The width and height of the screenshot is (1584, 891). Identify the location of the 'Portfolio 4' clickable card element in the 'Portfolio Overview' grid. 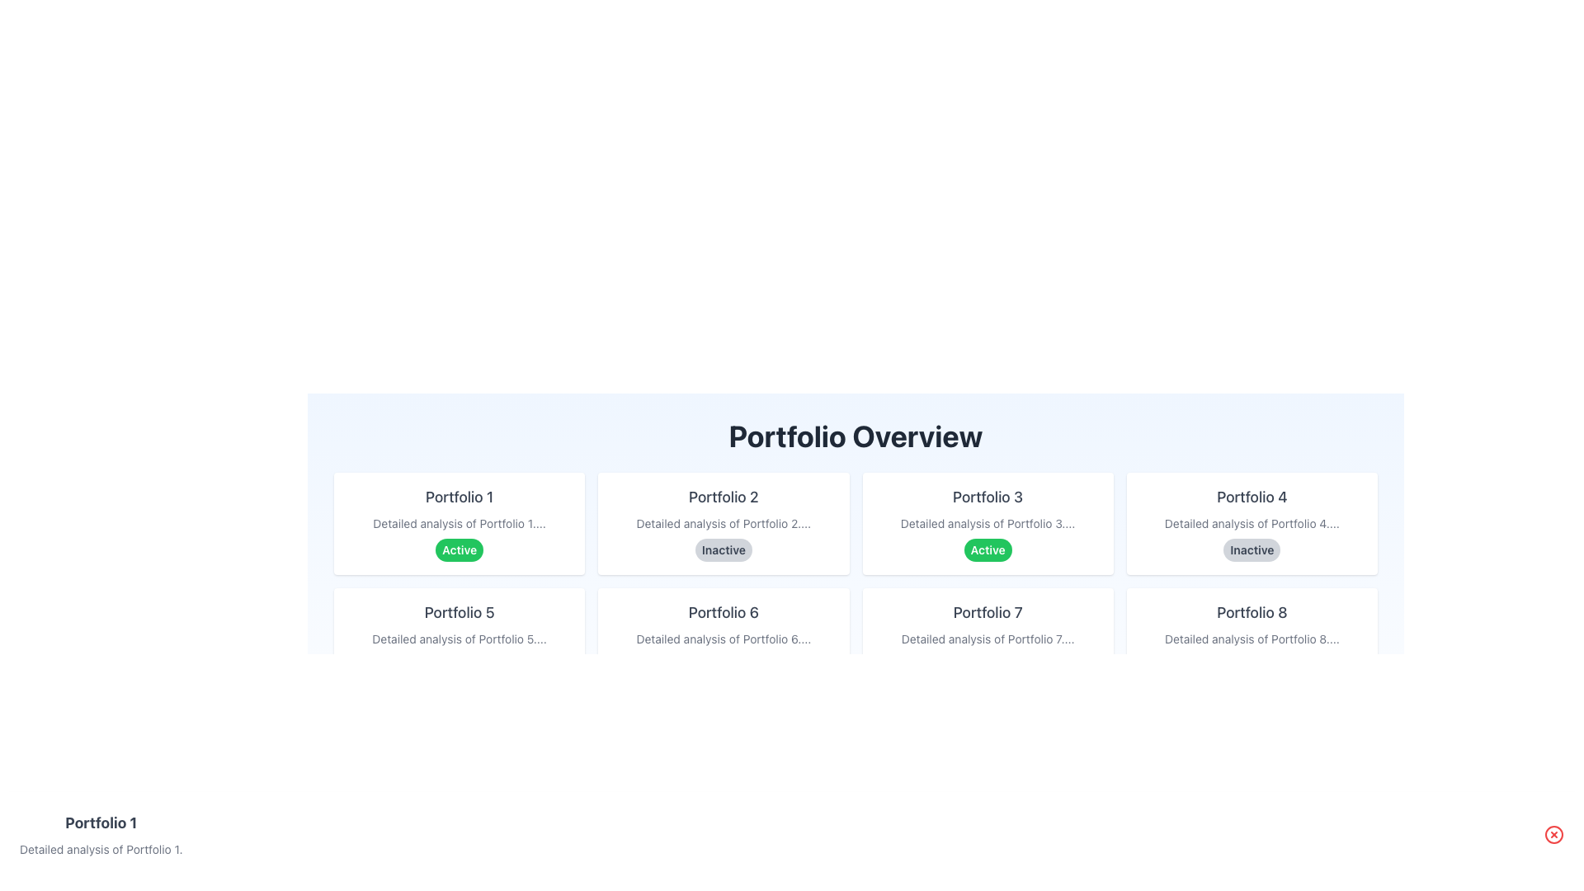
(1252, 524).